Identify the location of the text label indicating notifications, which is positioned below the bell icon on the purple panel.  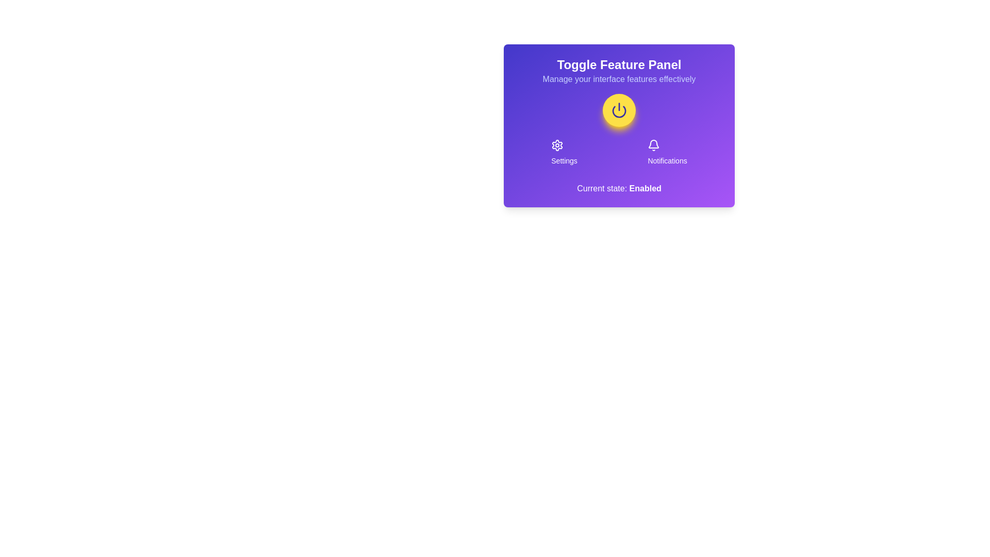
(667, 161).